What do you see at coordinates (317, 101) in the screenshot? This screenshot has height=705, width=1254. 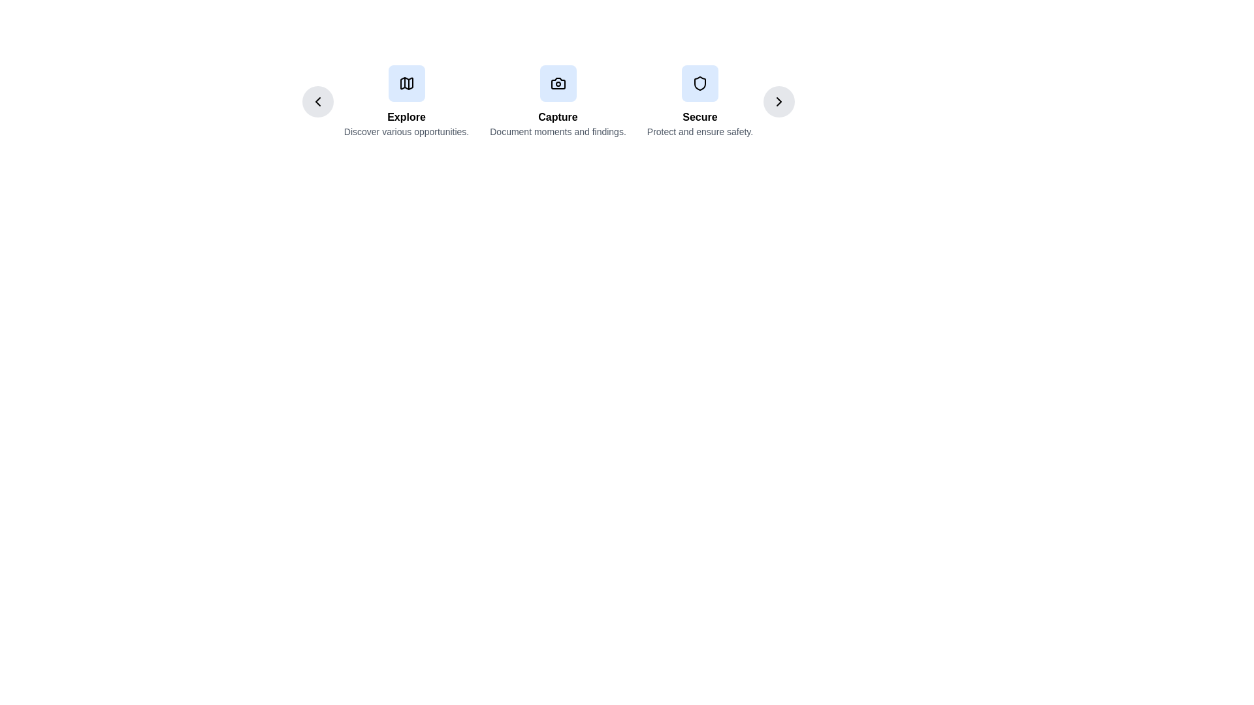 I see `the circular button with a gray background and black chevron pointing to the left, located to the left of the 'Explore' label` at bounding box center [317, 101].